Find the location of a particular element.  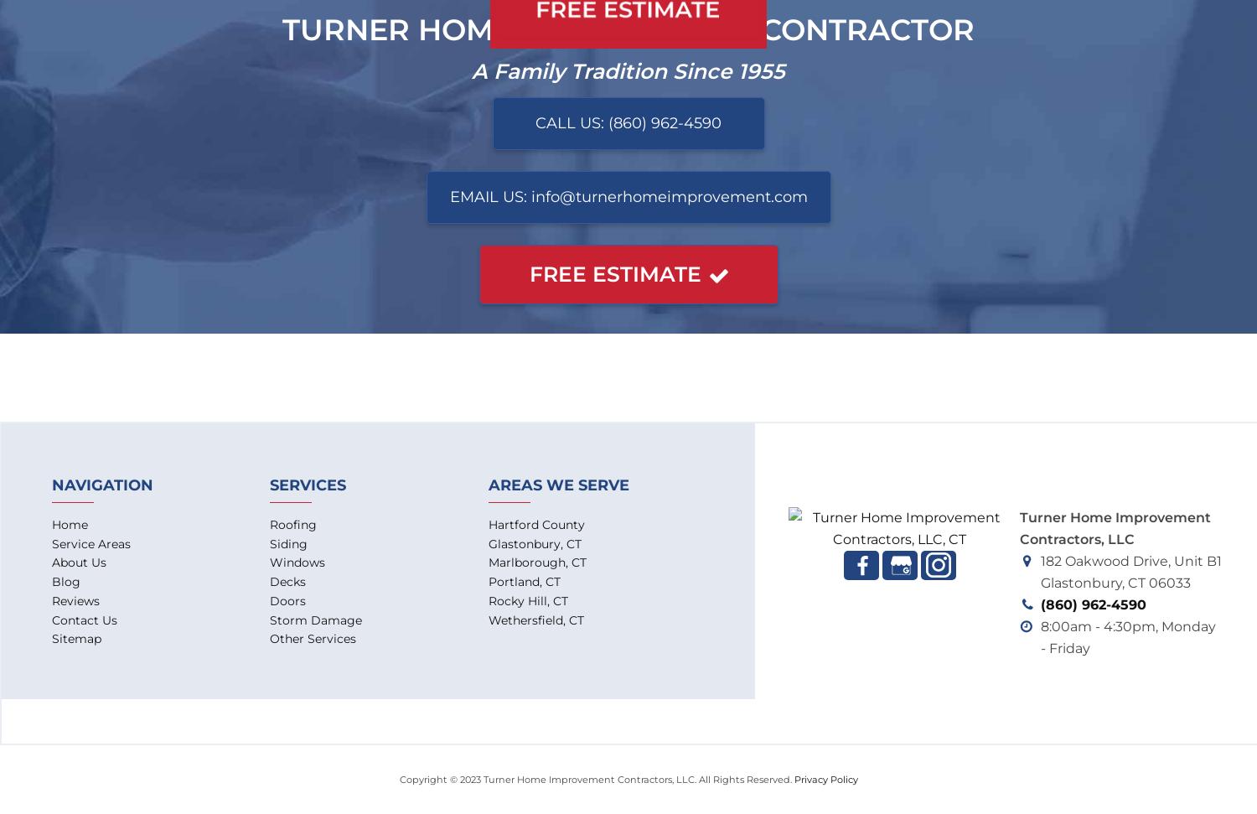

'Siding' is located at coordinates (287, 543).